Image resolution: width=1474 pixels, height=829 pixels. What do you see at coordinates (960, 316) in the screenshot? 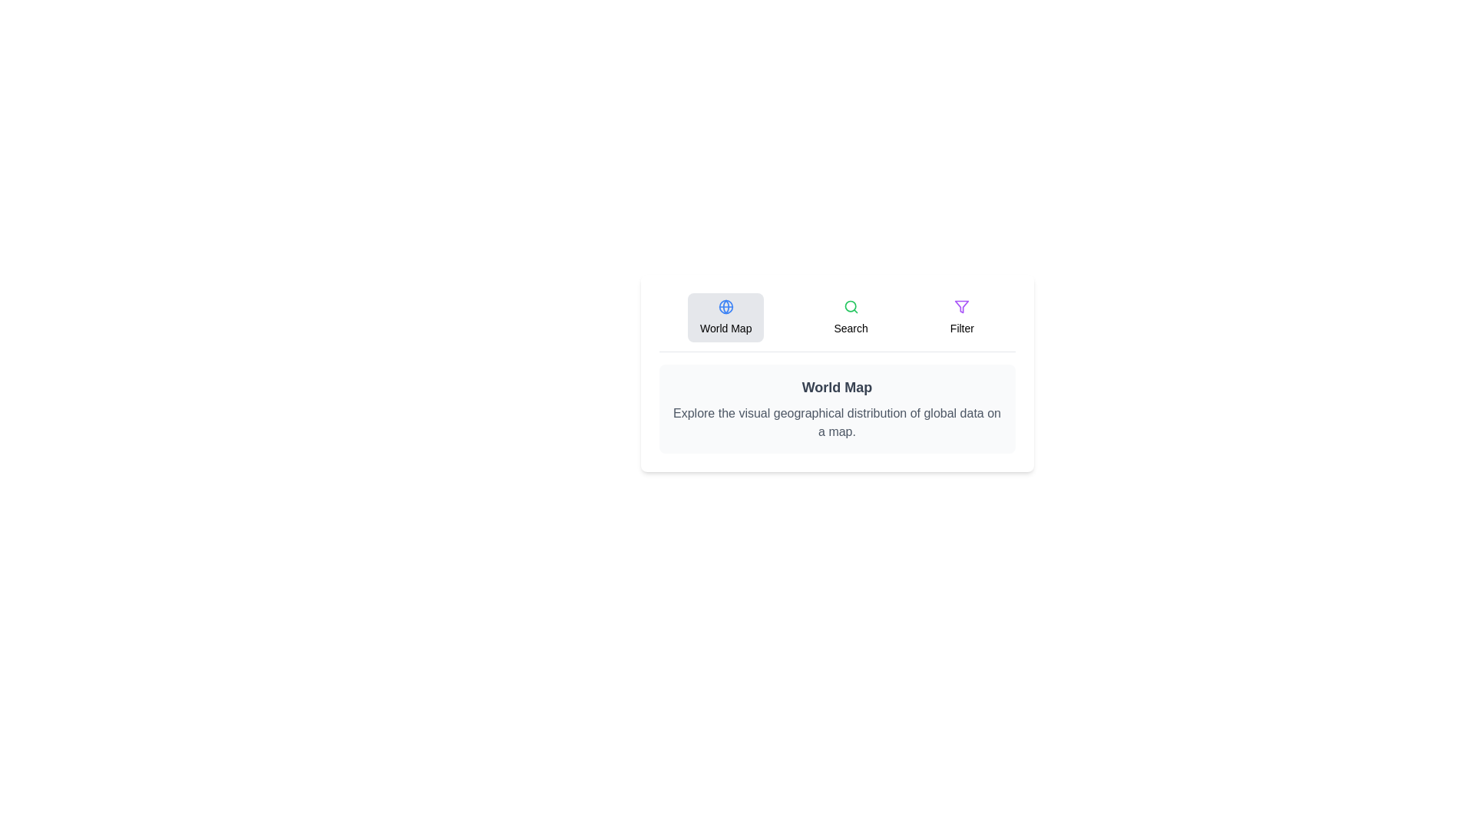
I see `the Filter tab` at bounding box center [960, 316].